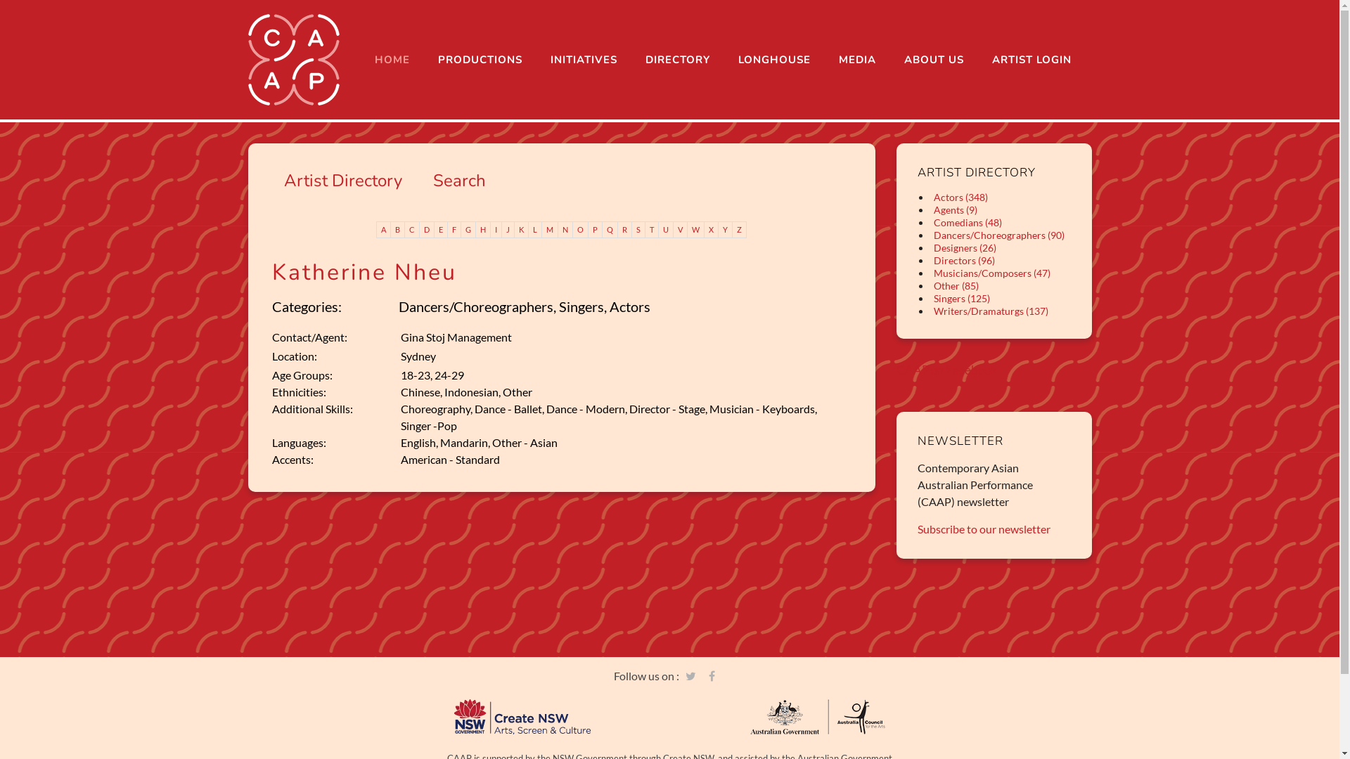 This screenshot has height=759, width=1350. I want to click on 'S', so click(638, 229).